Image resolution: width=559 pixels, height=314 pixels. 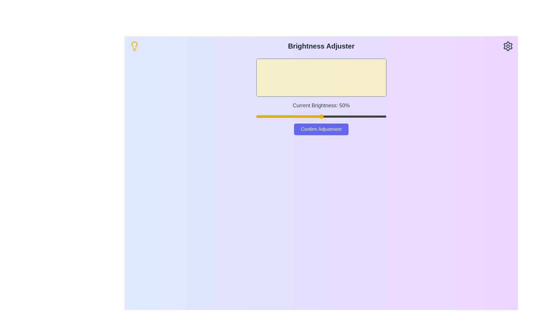 What do you see at coordinates (321, 129) in the screenshot?
I see `the 'Confirm Adjustment' button` at bounding box center [321, 129].